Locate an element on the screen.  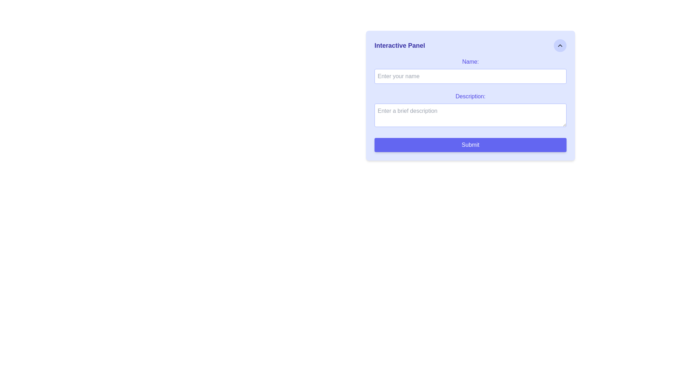
the 'Submit' button with blue background and white text is located at coordinates (470, 144).